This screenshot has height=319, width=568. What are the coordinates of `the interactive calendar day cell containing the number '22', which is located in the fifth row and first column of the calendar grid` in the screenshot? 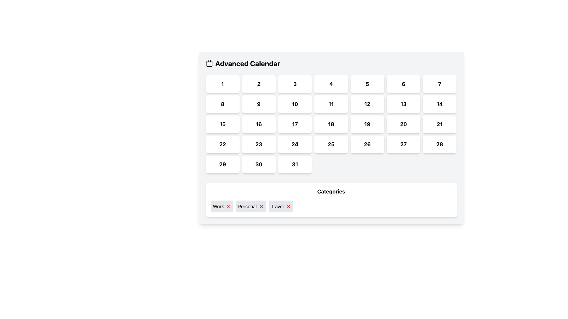 It's located at (222, 144).